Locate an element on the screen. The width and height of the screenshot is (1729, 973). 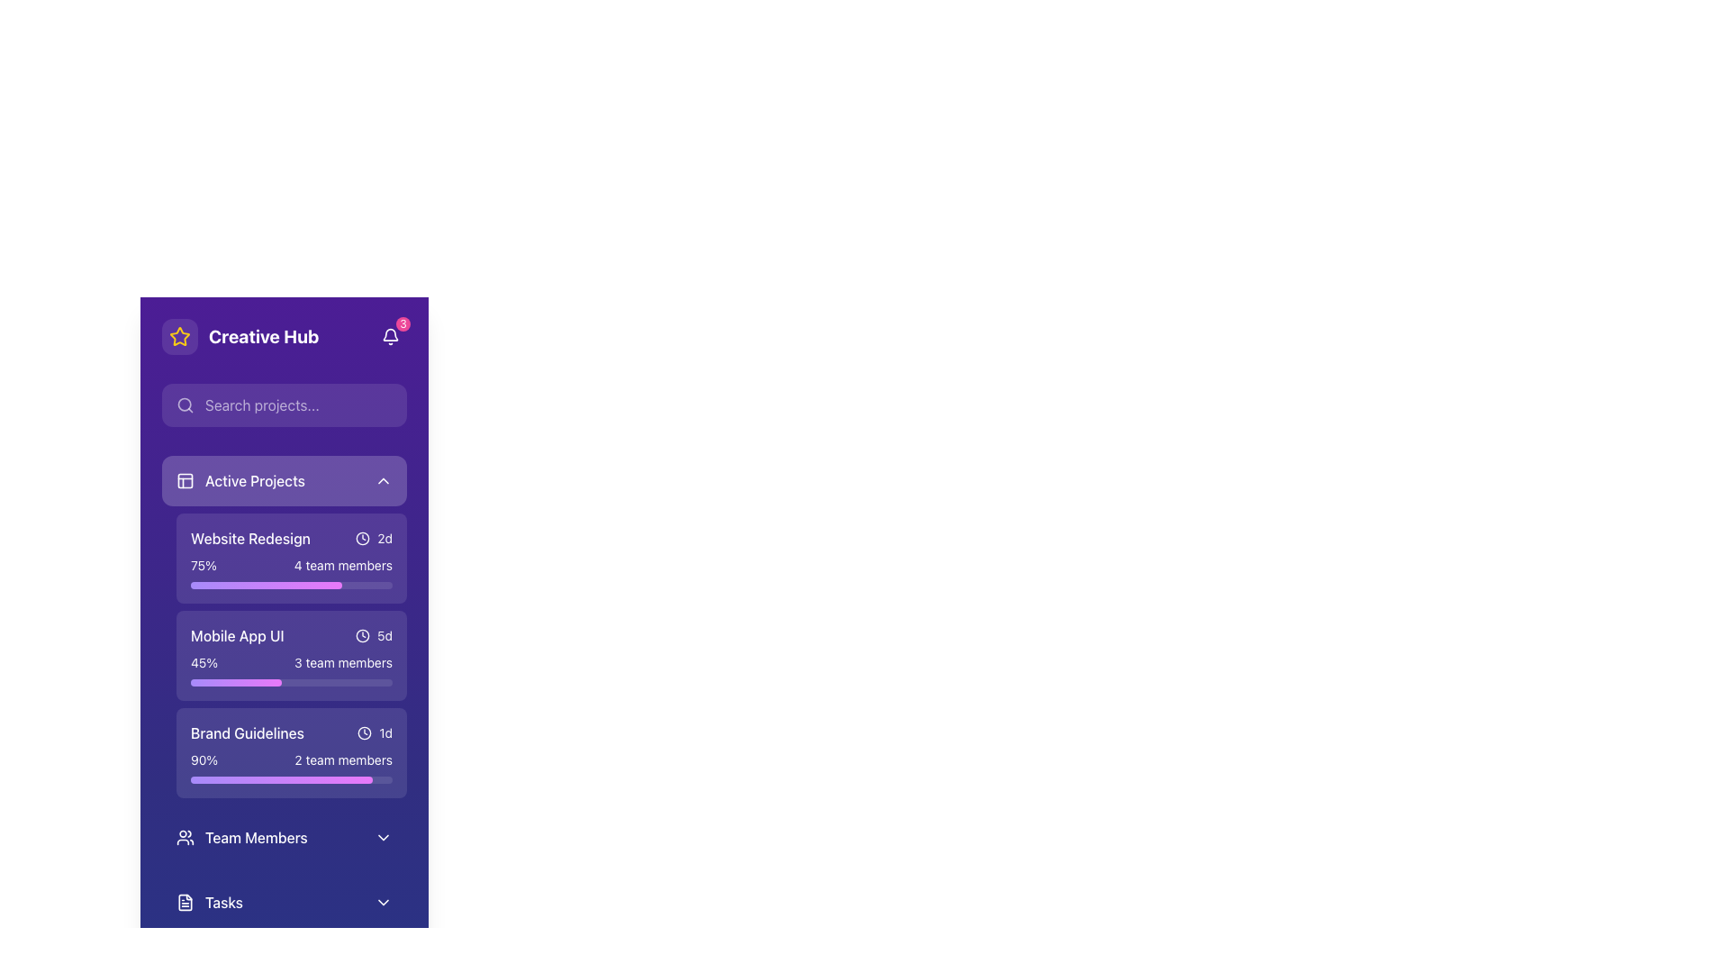
the decorative graphical SVG element representing a search icon, which symbolizes a magnifying glass, located in the search bar area near the top-left corner of the interface is located at coordinates (185, 404).